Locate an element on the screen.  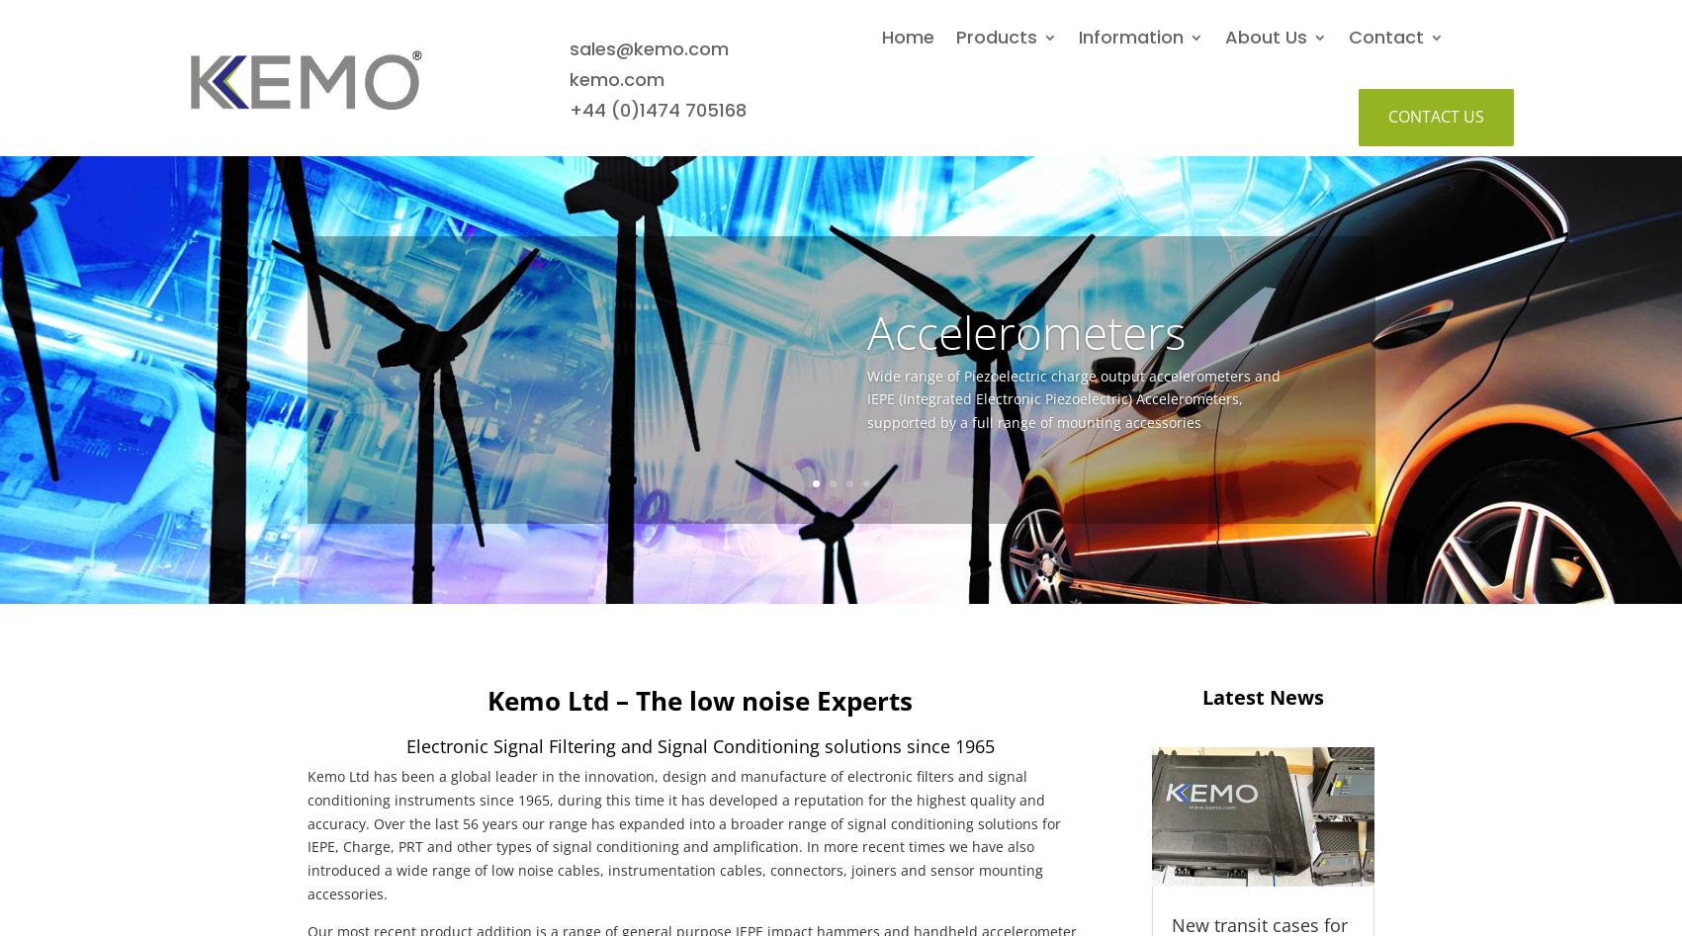
'Kemo Ltd has been a global leader in the innovation, design and manufacture of electronic filters and signal conditioning instruments since 1965, during this time it has developed a reputation for the highest quality and accuracy. Over the last 56 years our range has expanded into a broader range of signal conditioning solutions for IEPE, Charge, PRT and other types of signal conditioning and amplification. In more recent times we have also introduced a wide range of low noise cables, instrumentation cables, connectors, joiners and sensor mounting accessories.' is located at coordinates (681, 833).